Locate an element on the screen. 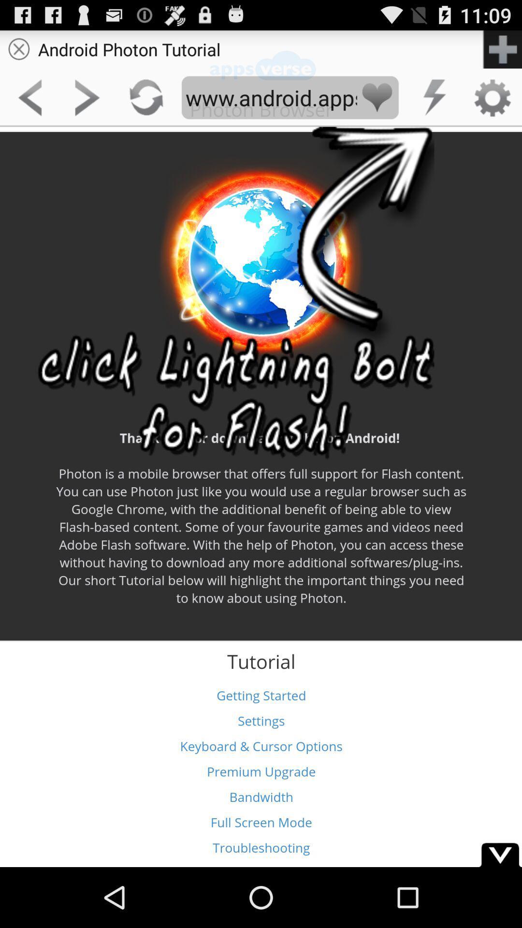 This screenshot has height=928, width=522. the favorite icon is located at coordinates (377, 104).